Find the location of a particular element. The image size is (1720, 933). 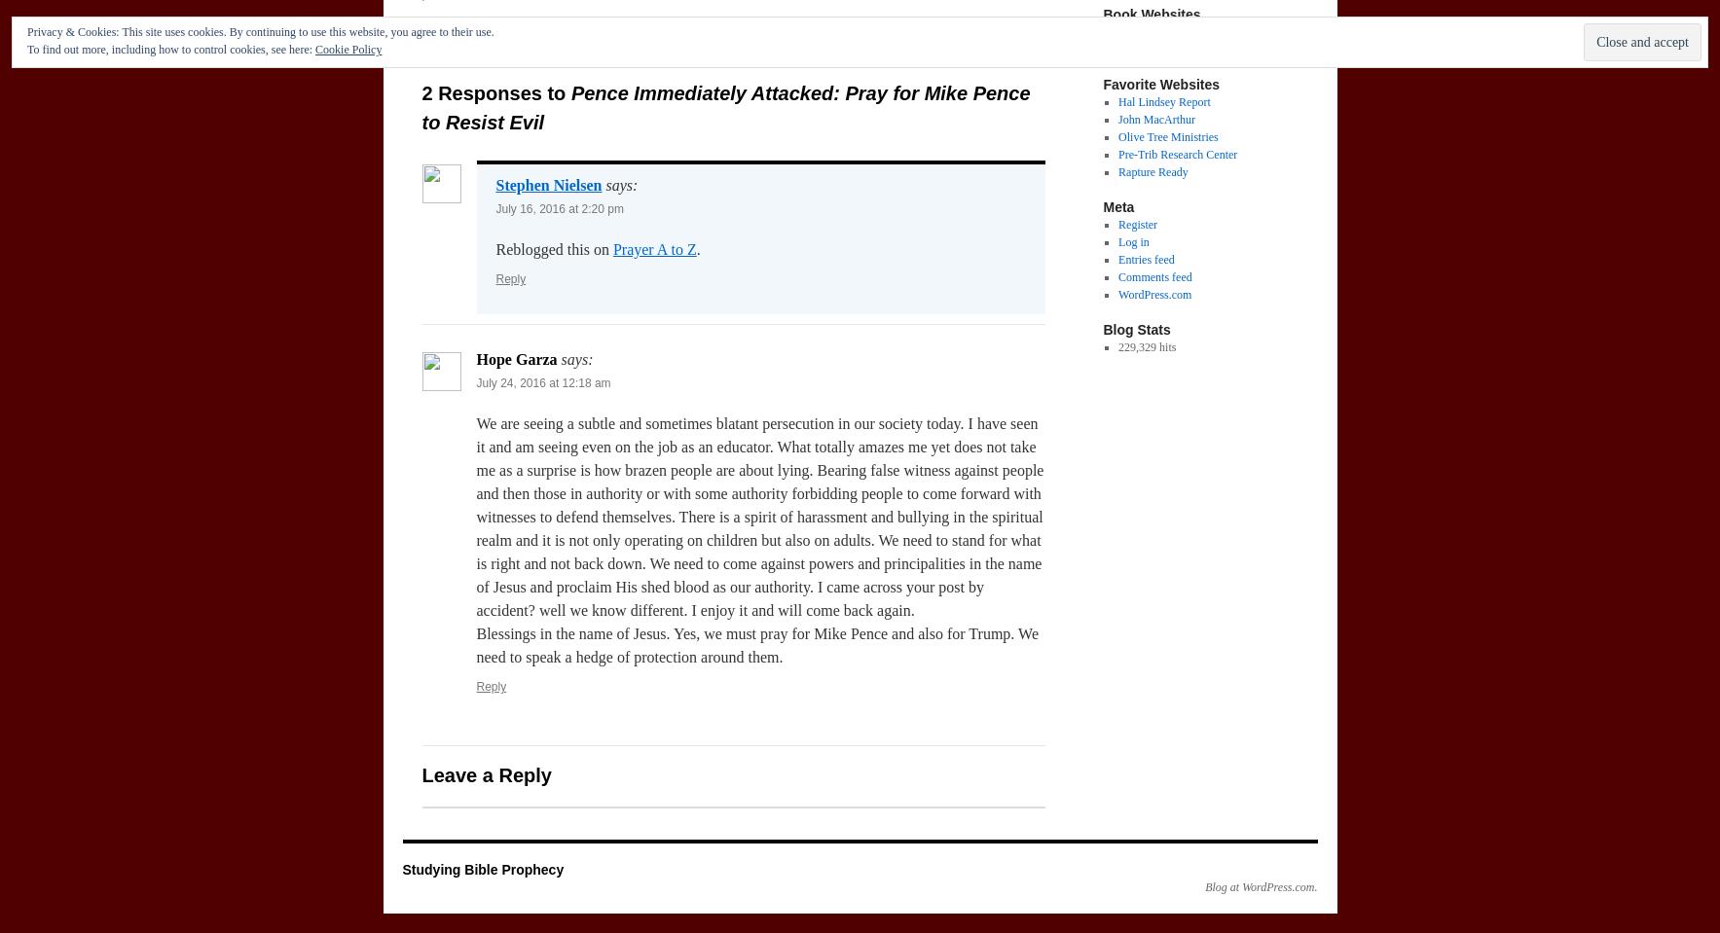

'Meta' is located at coordinates (1118, 206).